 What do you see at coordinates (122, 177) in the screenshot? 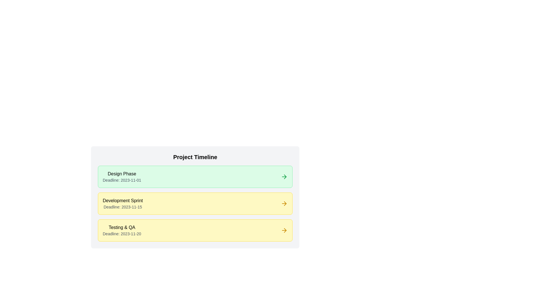
I see `text label that provides information about a project phase, including its title and associated deadline date, located in the top-left corner of the first green section within the outlined group titled 'Project Timeline'` at bounding box center [122, 177].